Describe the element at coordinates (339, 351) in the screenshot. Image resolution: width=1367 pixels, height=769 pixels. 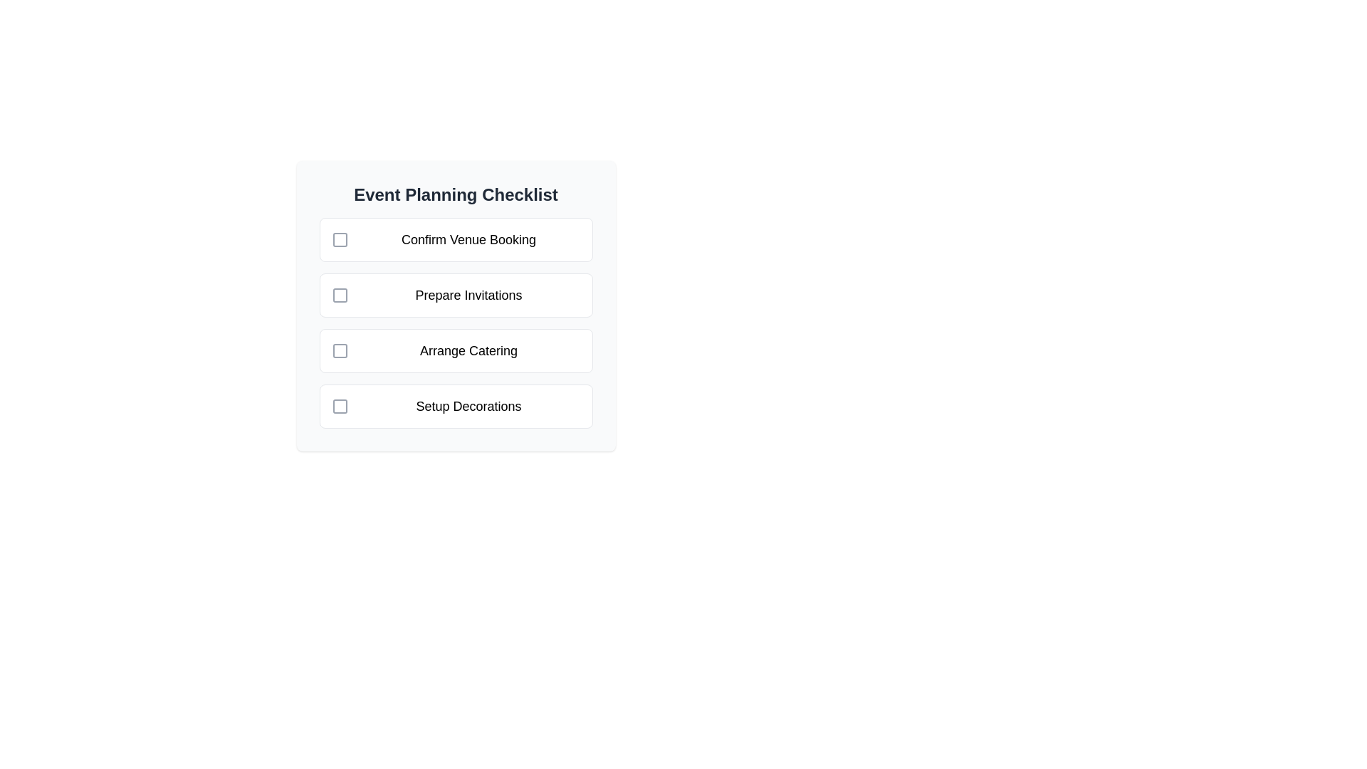
I see `the interactive checkbox for the 'Arrange Catering' task in the Event Planning Checklist to trigger the hover effect` at that location.